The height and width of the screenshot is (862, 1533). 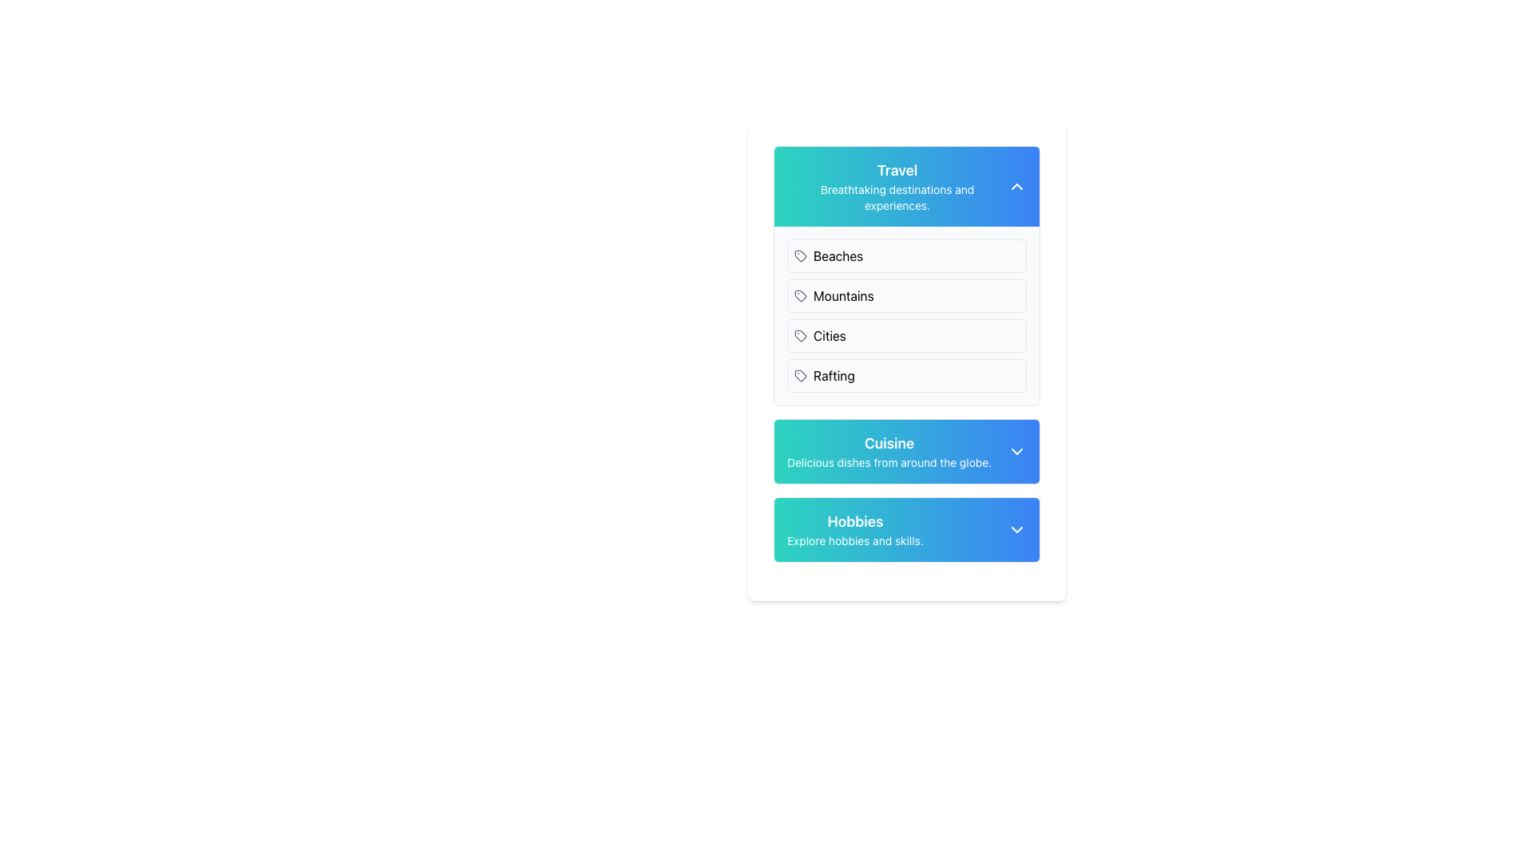 I want to click on the text label 'Rafting' within the Travel section's list item to press for additional options, so click(x=833, y=375).